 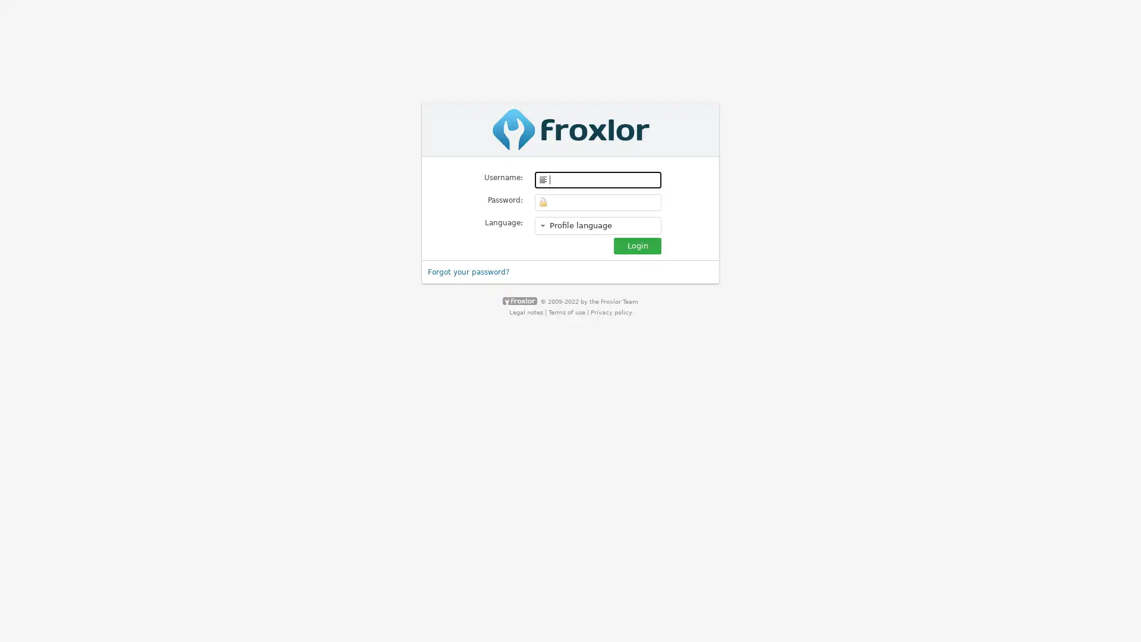 I want to click on Login, so click(x=637, y=244).